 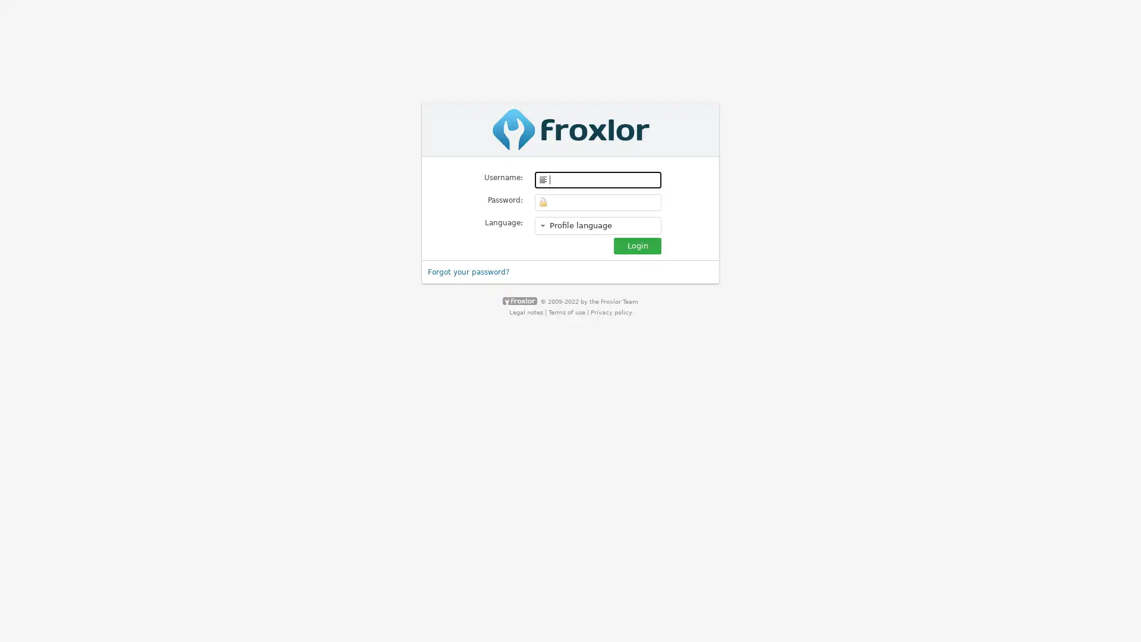 I want to click on Login, so click(x=637, y=244).